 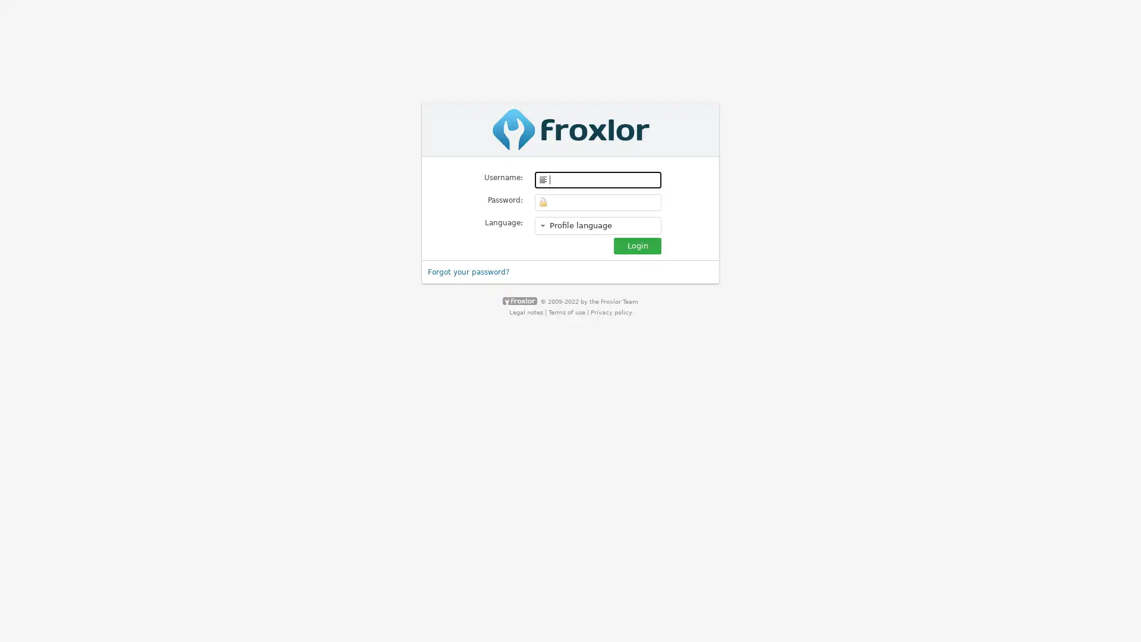 I want to click on Login, so click(x=637, y=244).